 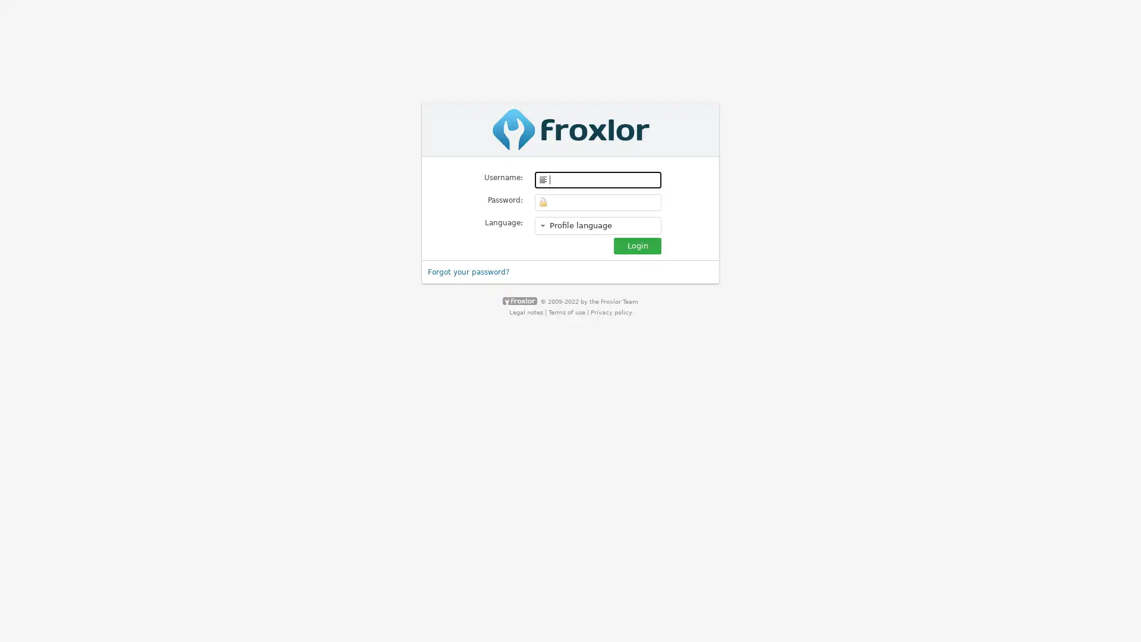 I want to click on Login, so click(x=637, y=244).